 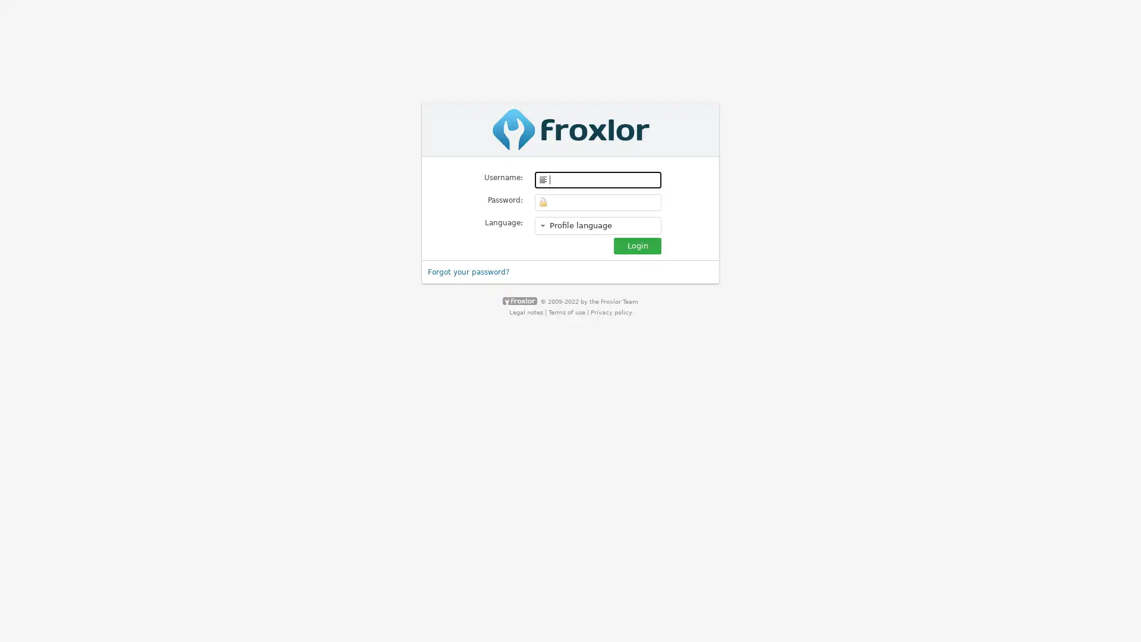 I want to click on Login, so click(x=637, y=244).